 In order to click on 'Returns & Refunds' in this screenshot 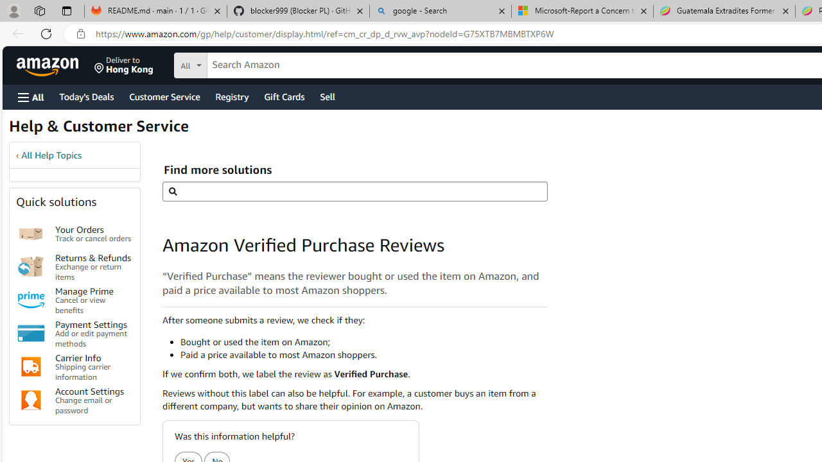, I will do `click(31, 266)`.